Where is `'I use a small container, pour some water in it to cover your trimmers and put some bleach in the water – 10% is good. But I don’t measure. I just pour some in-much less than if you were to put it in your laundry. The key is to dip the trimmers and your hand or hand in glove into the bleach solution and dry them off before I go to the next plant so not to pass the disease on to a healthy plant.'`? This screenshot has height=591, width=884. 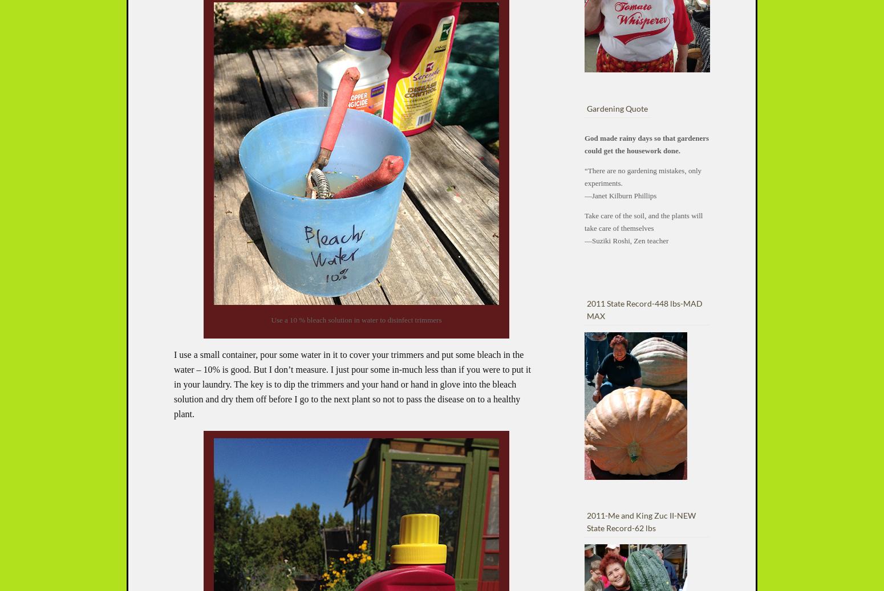
'I use a small container, pour some water in it to cover your trimmers and put some bleach in the water – 10% is good. But I don’t measure. I just pour some in-much less than if you were to put it in your laundry. The key is to dip the trimmers and your hand or hand in glove into the bleach solution and dry them off before I go to the next plant so not to pass the disease on to a healthy plant.' is located at coordinates (352, 384).